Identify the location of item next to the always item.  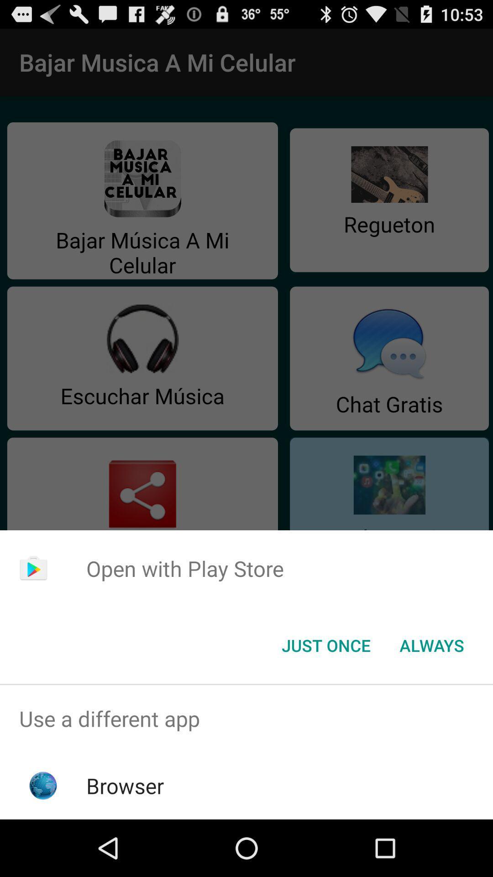
(325, 645).